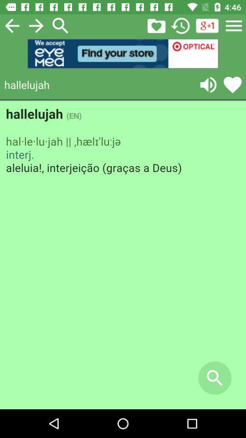 The image size is (246, 438). Describe the element at coordinates (156, 25) in the screenshot. I see `to favourites` at that location.